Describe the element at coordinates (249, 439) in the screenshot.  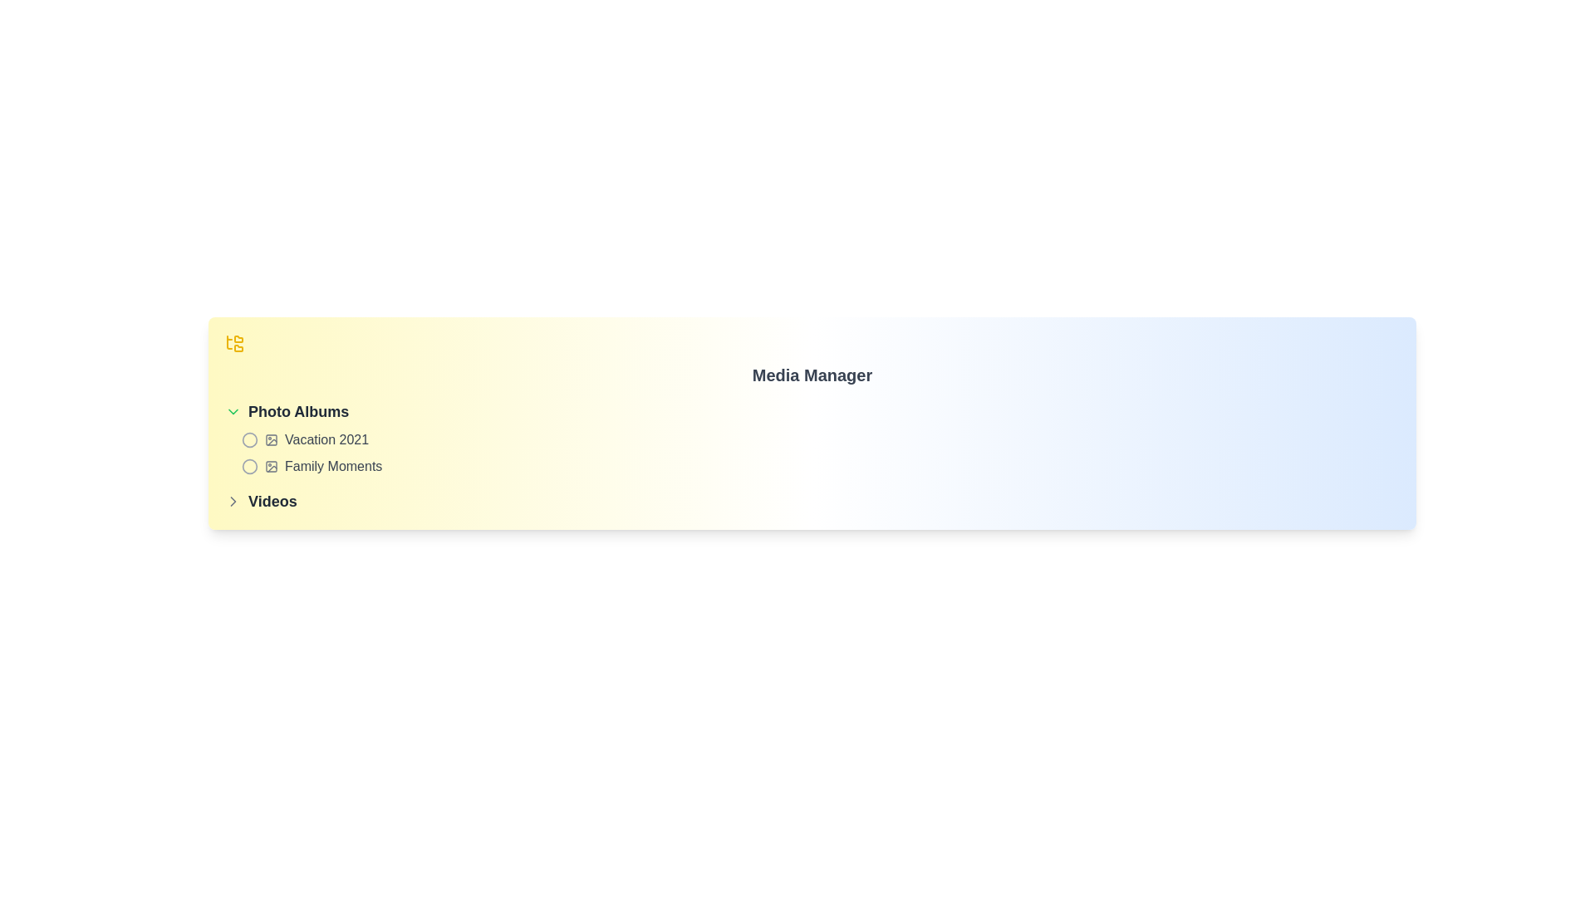
I see `the circle icon with a gray border located to the left of the 'Vacation 2021' label in the 'Photo Albums' section` at that location.